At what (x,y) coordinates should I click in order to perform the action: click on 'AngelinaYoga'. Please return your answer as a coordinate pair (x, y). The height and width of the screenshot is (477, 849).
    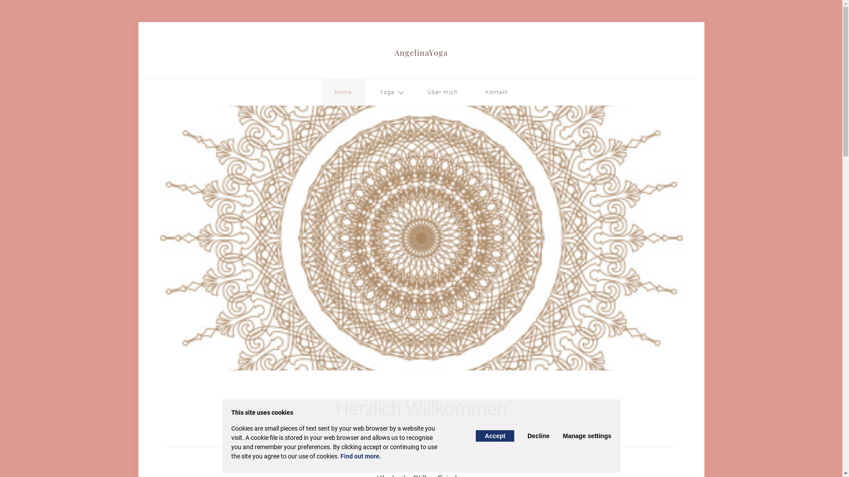
    Looking at the image, I should click on (394, 54).